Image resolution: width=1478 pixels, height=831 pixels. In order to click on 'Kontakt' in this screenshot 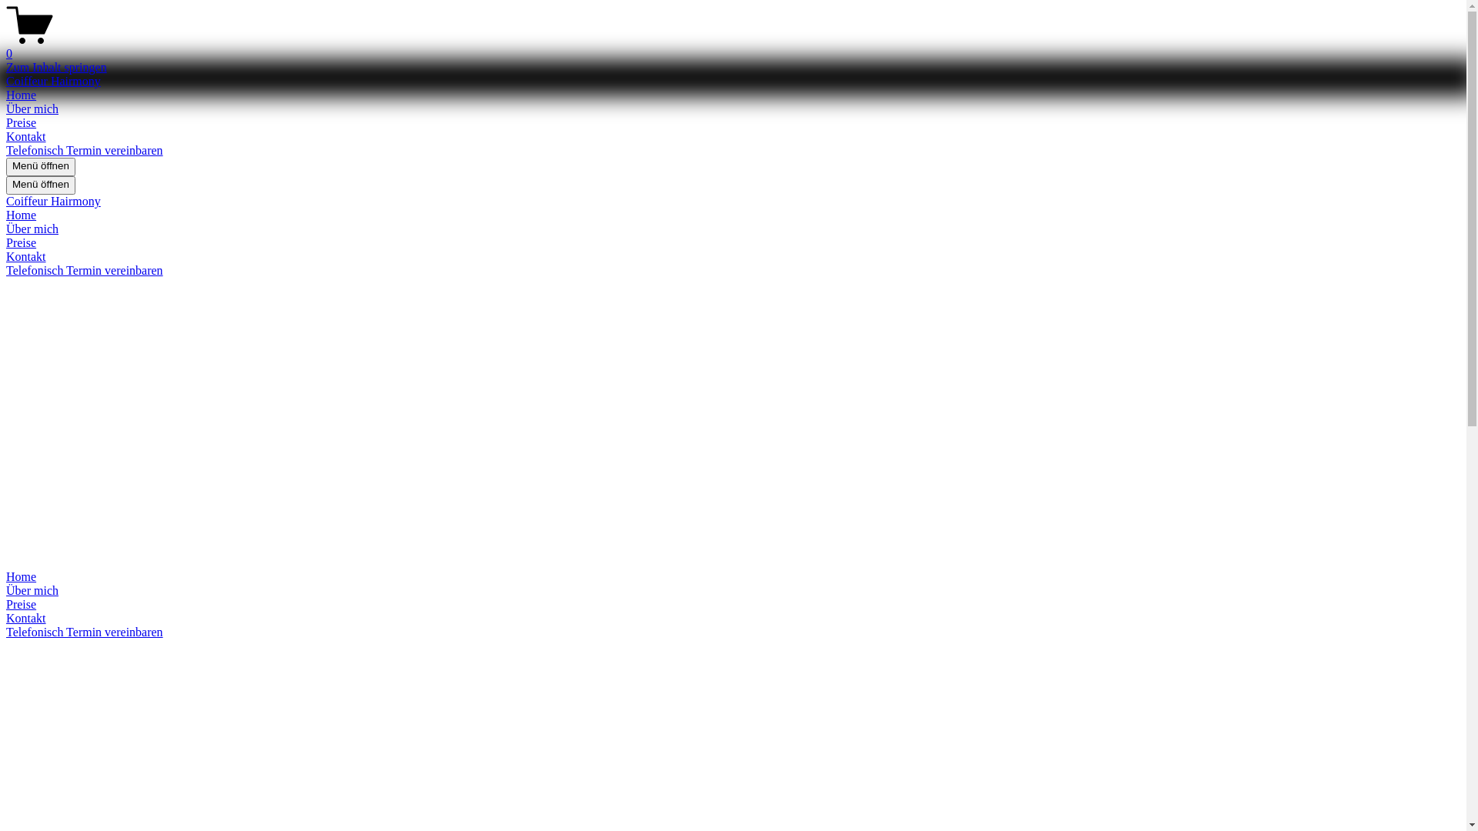, I will do `click(6, 617)`.